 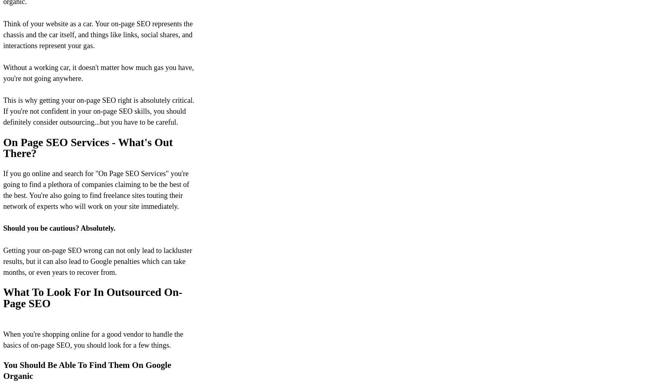 What do you see at coordinates (97, 260) in the screenshot?
I see `'Getting your on-page SEO wrong can not only lead to lackluster results, but it can also lead to Google penalties which can take months, or even years to recover from.'` at bounding box center [97, 260].